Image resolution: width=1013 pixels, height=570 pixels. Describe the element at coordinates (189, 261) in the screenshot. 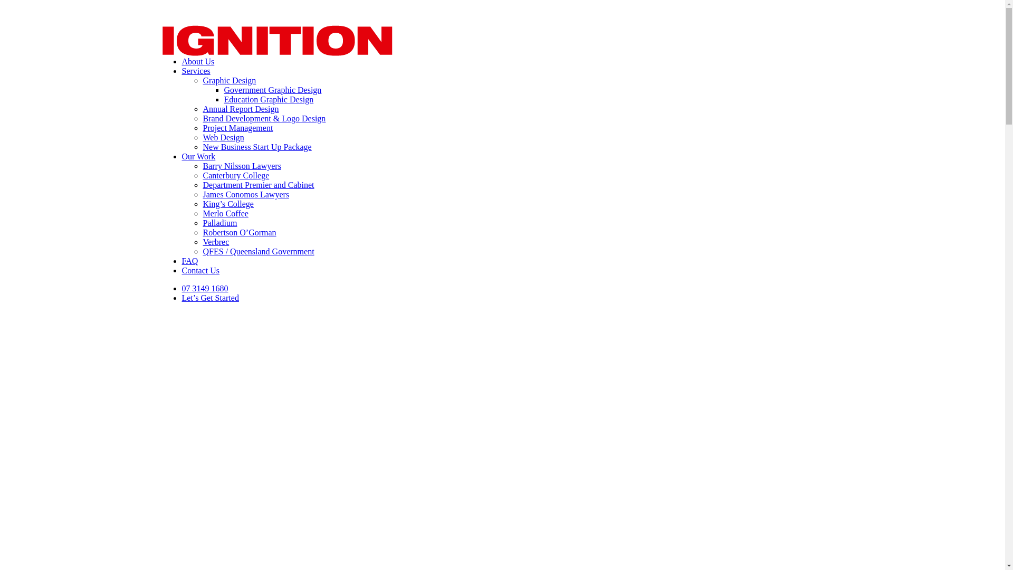

I see `'FAQ'` at that location.